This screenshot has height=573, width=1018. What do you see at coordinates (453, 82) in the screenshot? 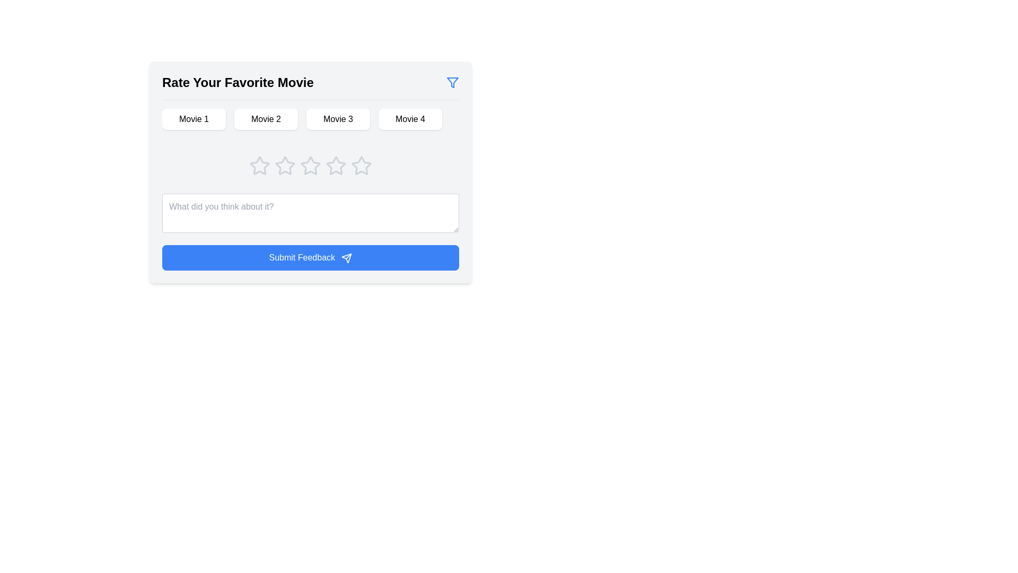
I see `the blue filter icon button styled as an outlined funnel located to the right of the 'Rate Your Favorite Movie' text to trigger a tooltip or visual feedback` at bounding box center [453, 82].